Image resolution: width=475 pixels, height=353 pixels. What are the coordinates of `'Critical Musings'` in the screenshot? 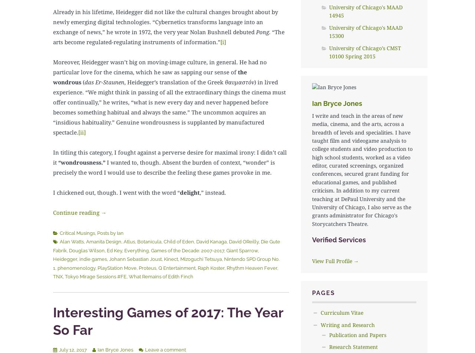 It's located at (77, 233).